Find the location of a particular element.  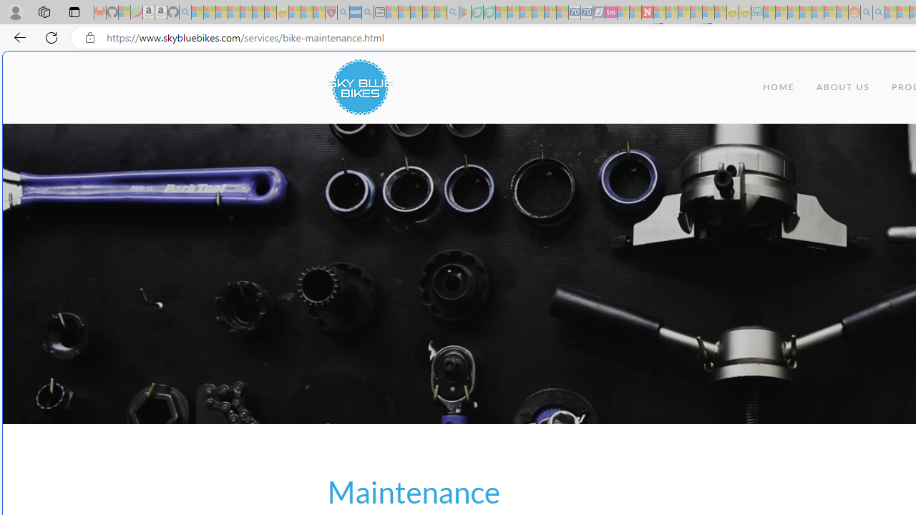

'Kinda Frugal - MSN - Sleeping' is located at coordinates (818, 12).